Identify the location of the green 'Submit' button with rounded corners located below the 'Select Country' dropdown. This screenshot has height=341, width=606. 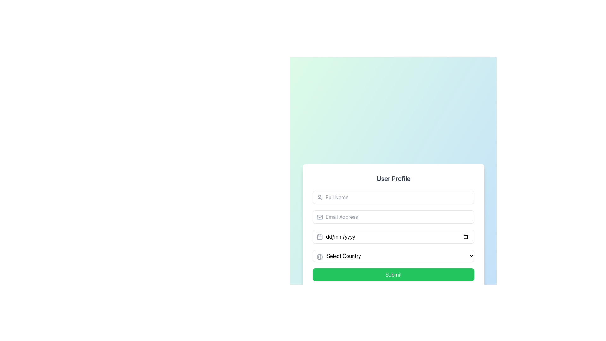
(393, 274).